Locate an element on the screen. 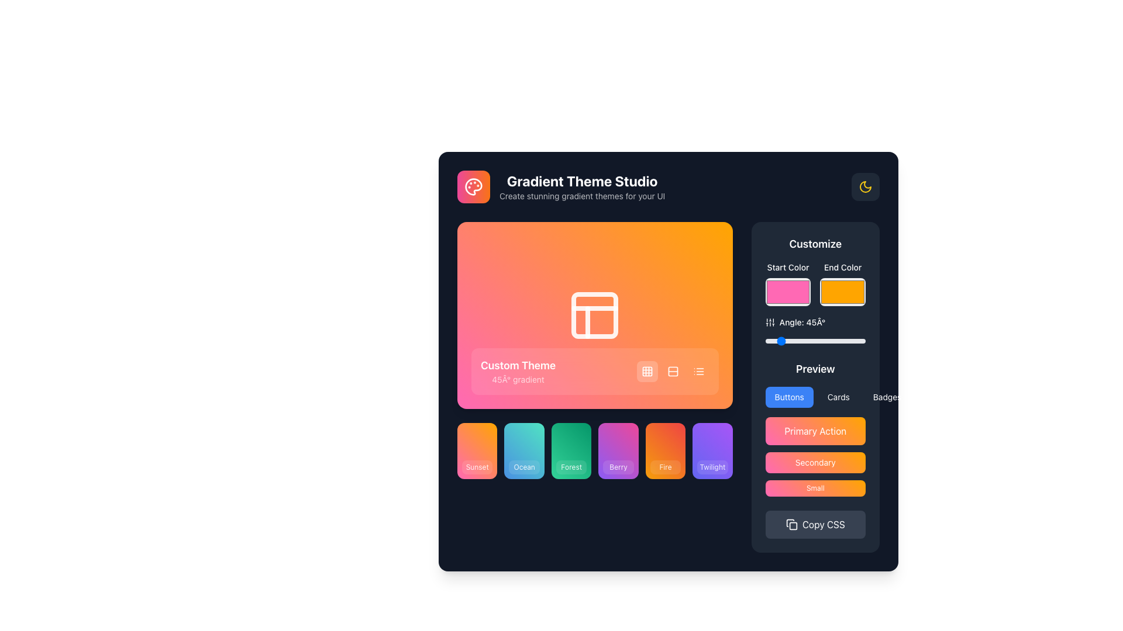  the static label element displaying the text 'Berry' located at the bottom center of a gradient-colored card is located at coordinates (618, 466).